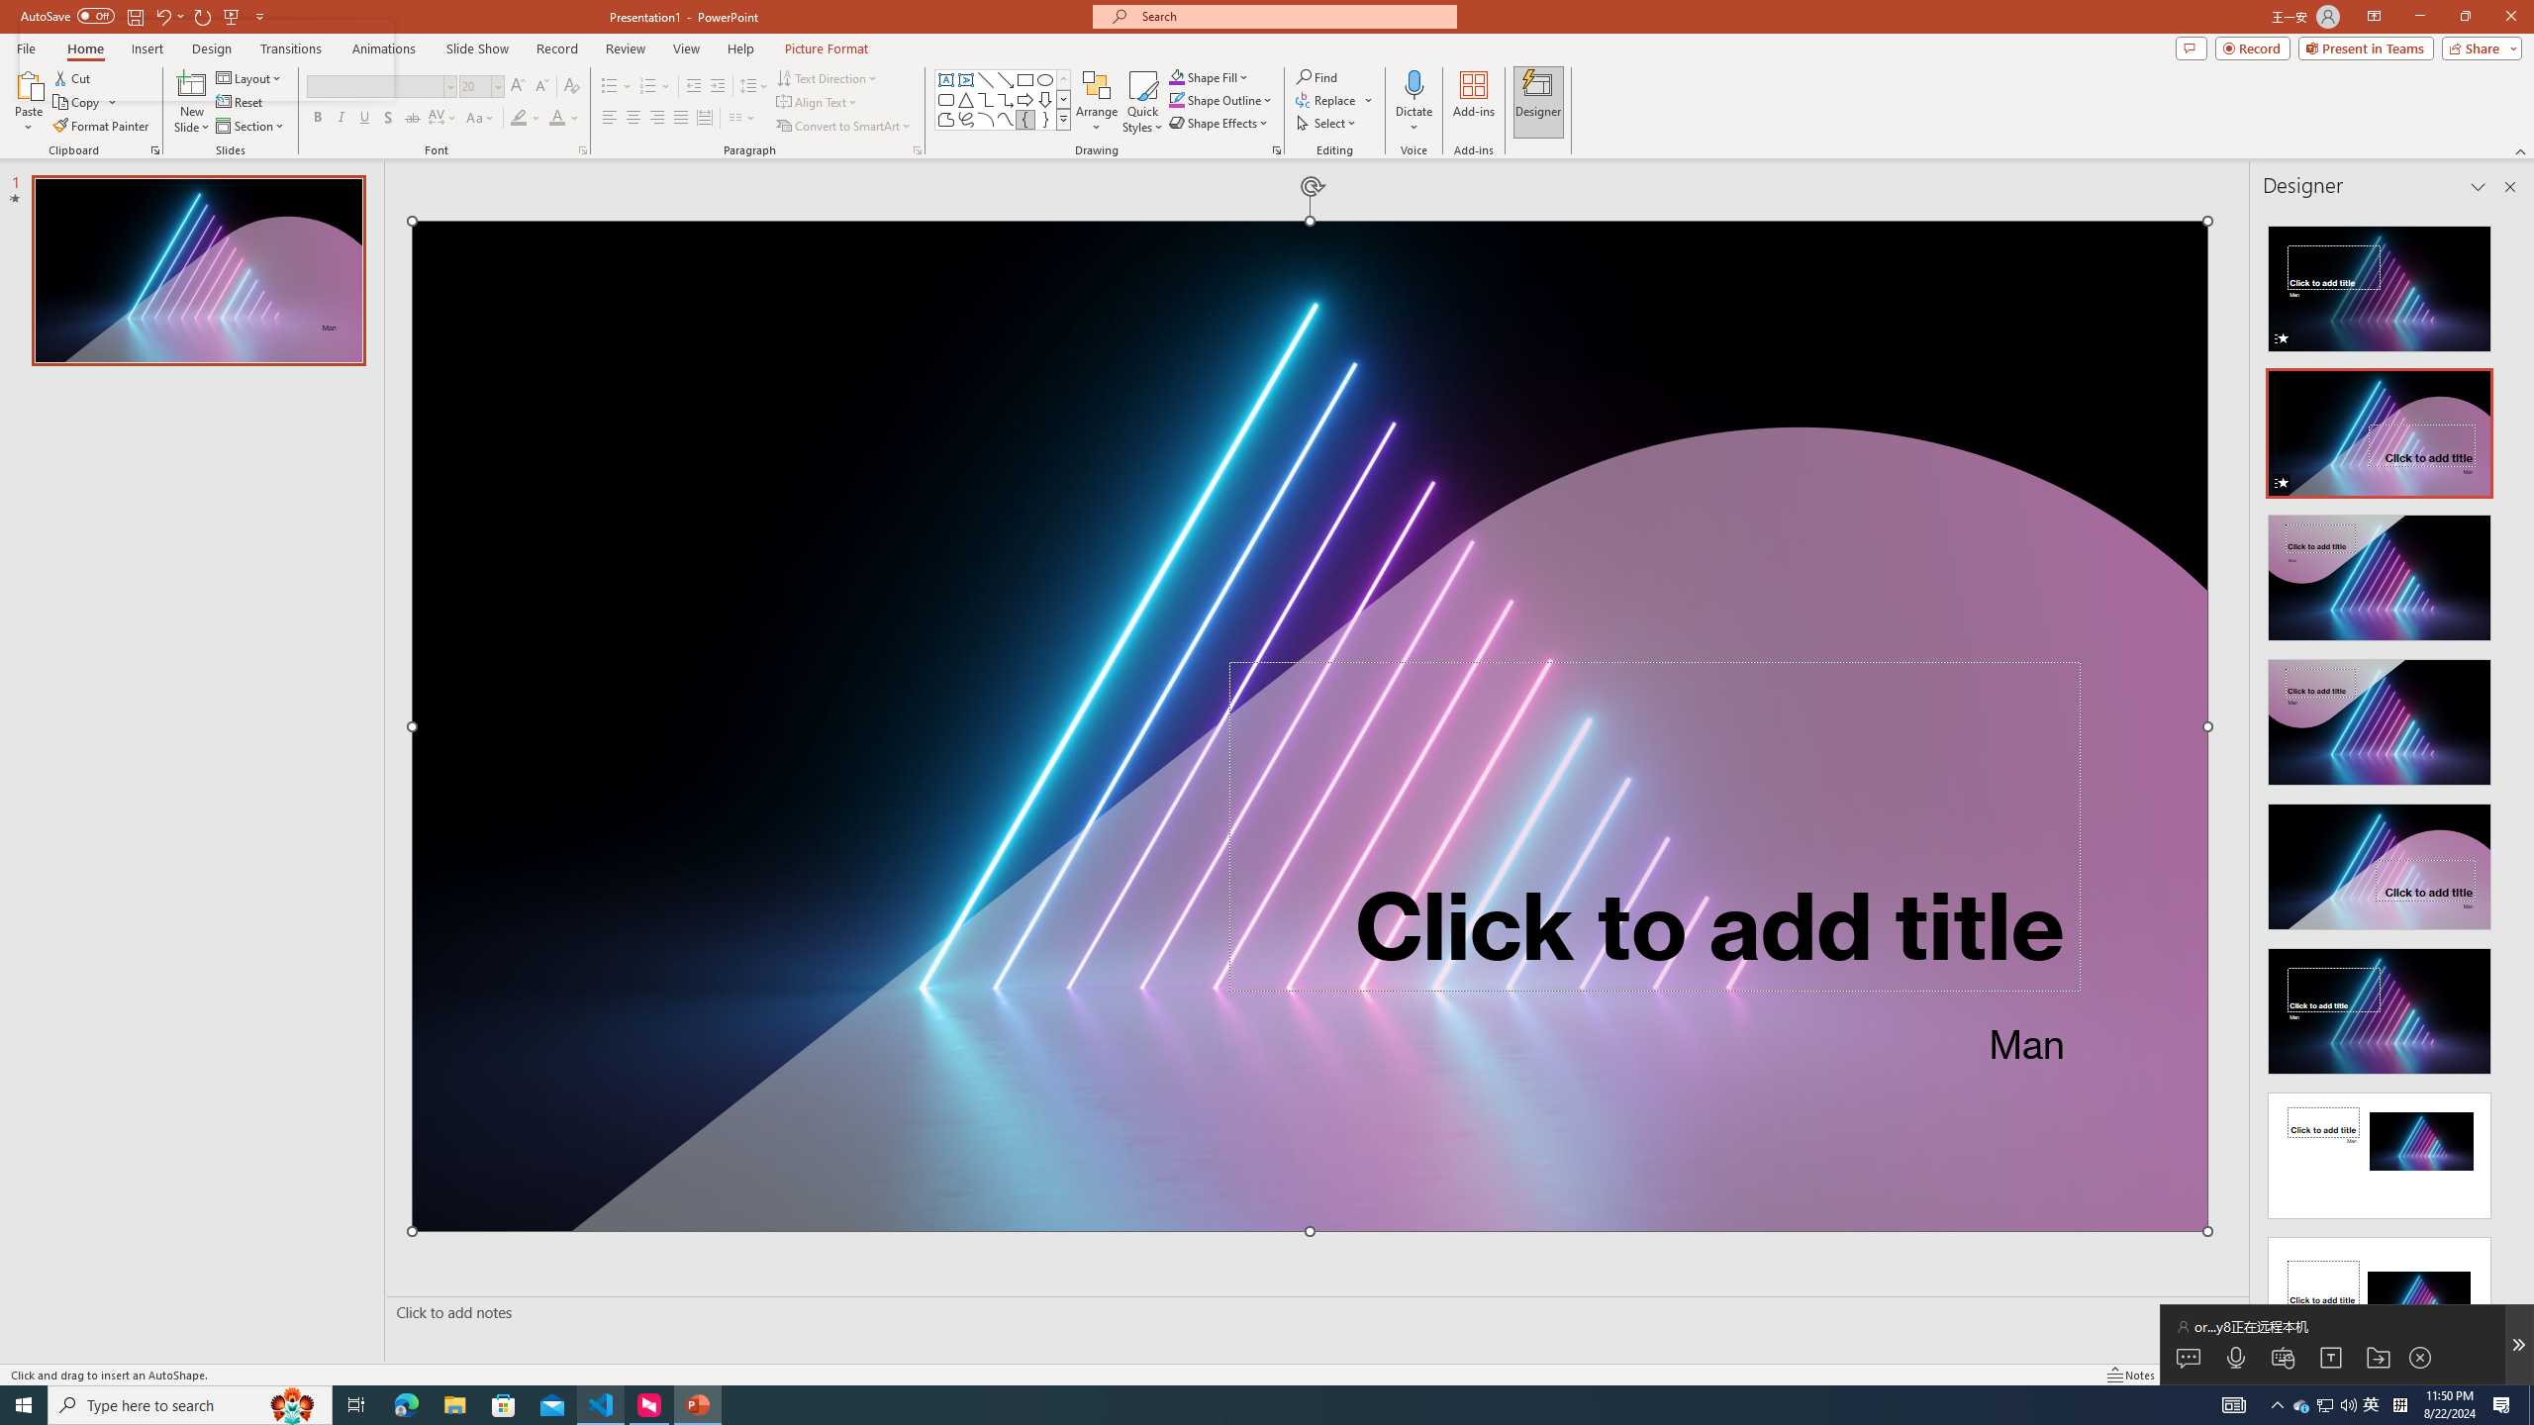 The image size is (2534, 1425). What do you see at coordinates (525, 117) in the screenshot?
I see `'Text Highlight Color'` at bounding box center [525, 117].